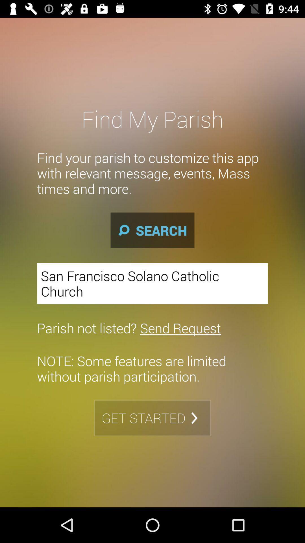  What do you see at coordinates (129, 328) in the screenshot?
I see `item below san francisco solano item` at bounding box center [129, 328].